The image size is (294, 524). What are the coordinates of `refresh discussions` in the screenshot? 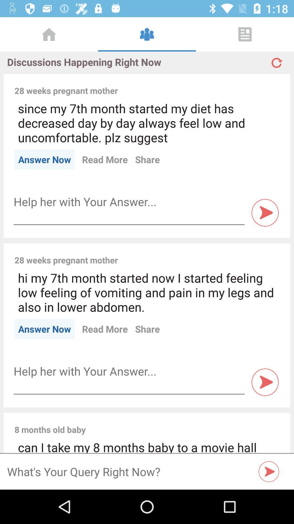 It's located at (276, 60).